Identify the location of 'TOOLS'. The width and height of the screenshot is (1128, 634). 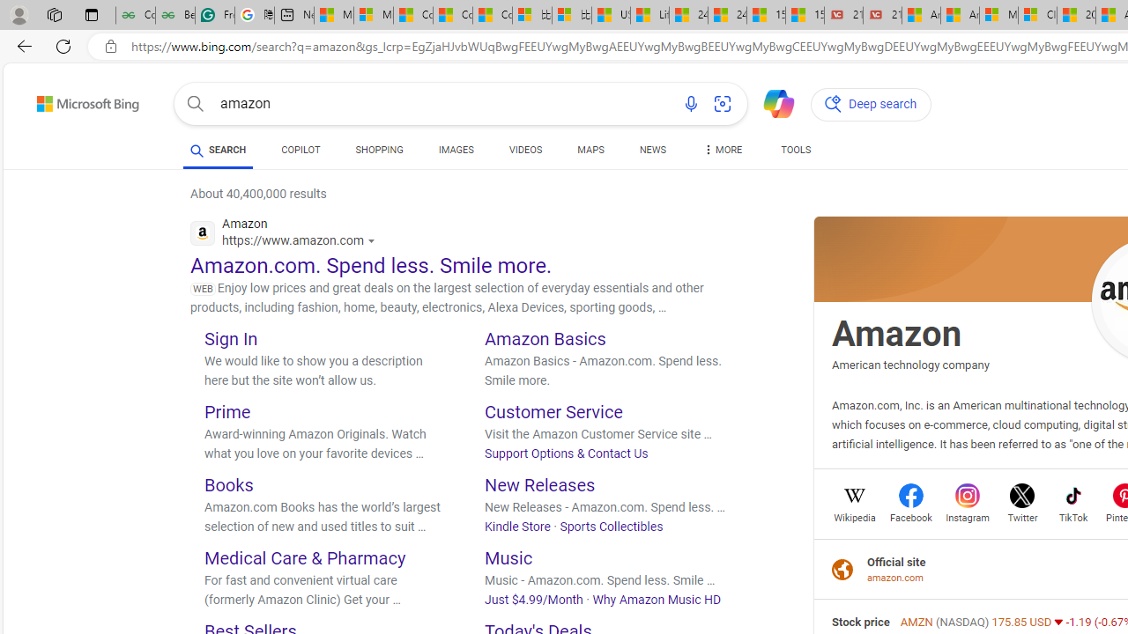
(795, 151).